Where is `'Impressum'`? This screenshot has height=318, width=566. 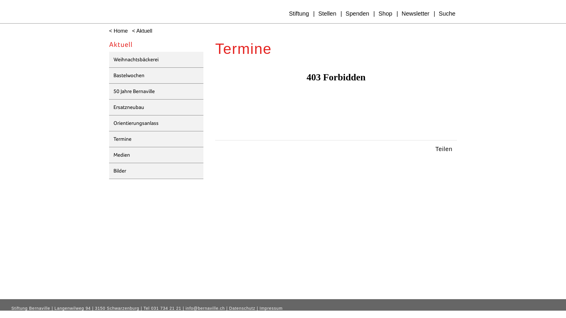
'Impressum' is located at coordinates (271, 308).